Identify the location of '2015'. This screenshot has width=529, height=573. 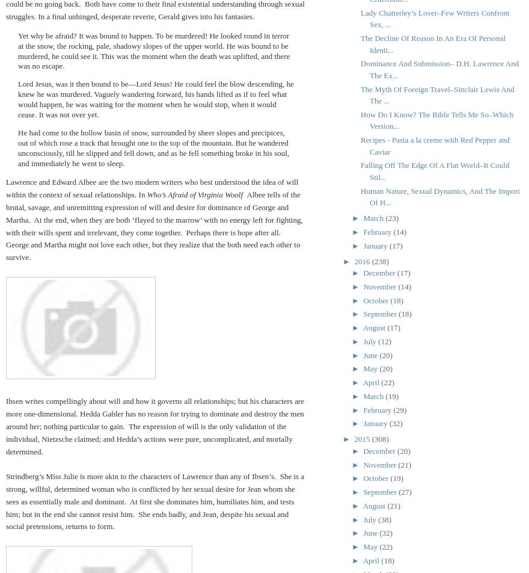
(353, 439).